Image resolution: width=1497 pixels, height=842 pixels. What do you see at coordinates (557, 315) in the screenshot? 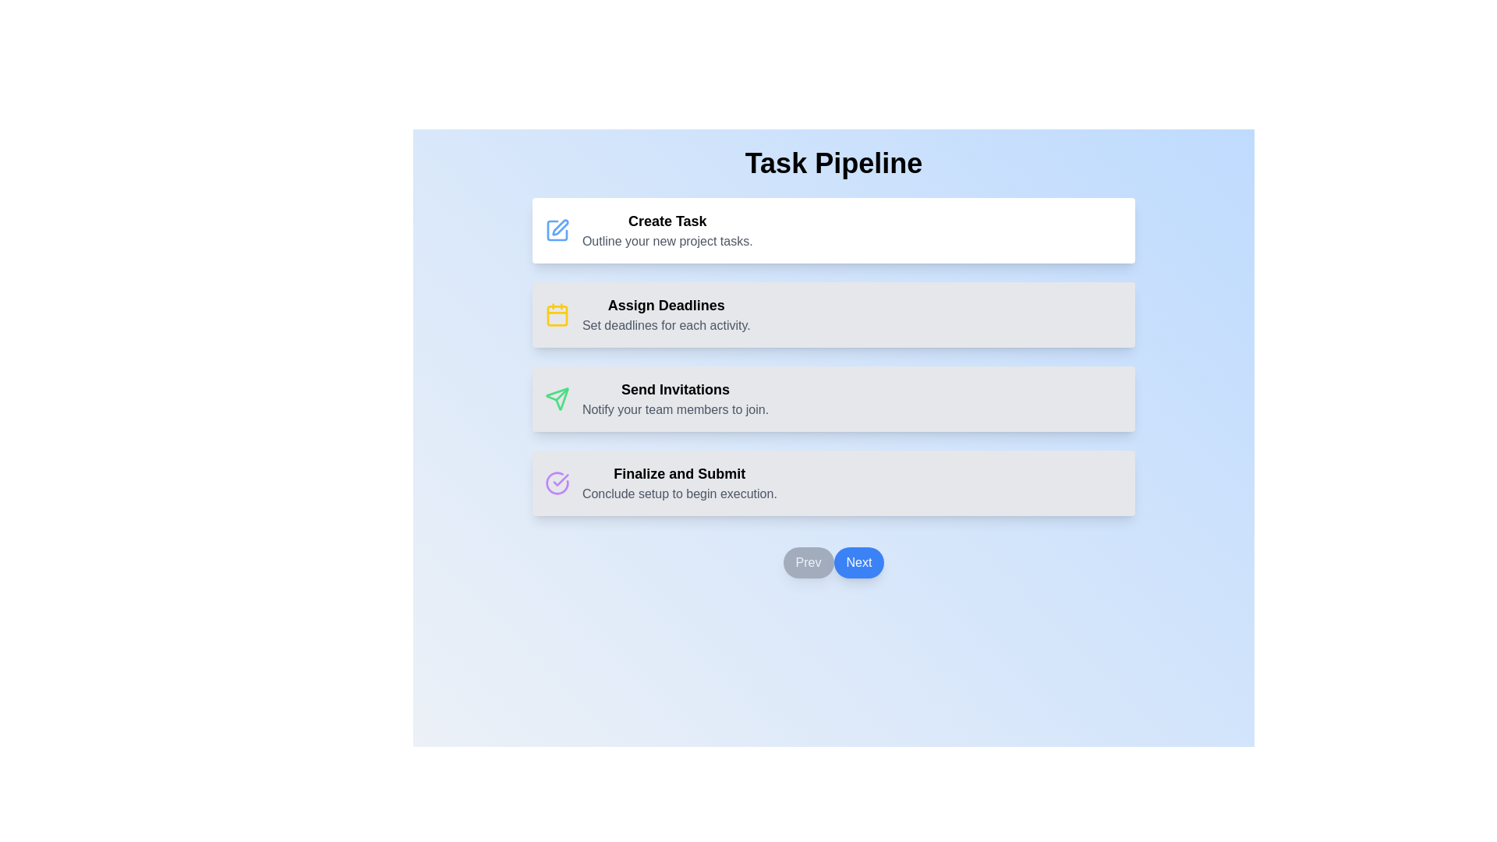
I see `the calendar icon with a yellow outline located to the left of the 'Assign Deadlines' text for context` at bounding box center [557, 315].